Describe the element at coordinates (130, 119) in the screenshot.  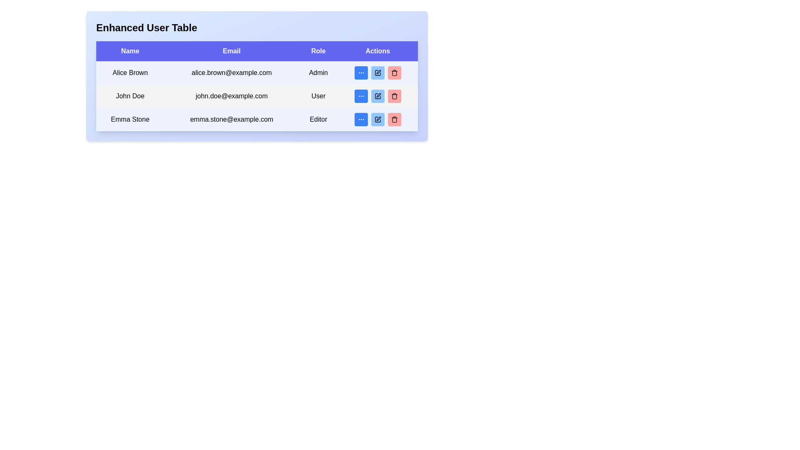
I see `the static text label displaying the user's name in the user information table located in the first cell of the third row under the 'Name' column` at that location.